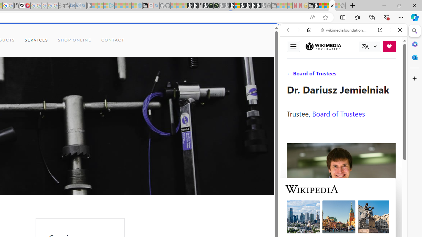 This screenshot has height=237, width=422. Describe the element at coordinates (293, 46) in the screenshot. I see `'Toggle menu'` at that location.